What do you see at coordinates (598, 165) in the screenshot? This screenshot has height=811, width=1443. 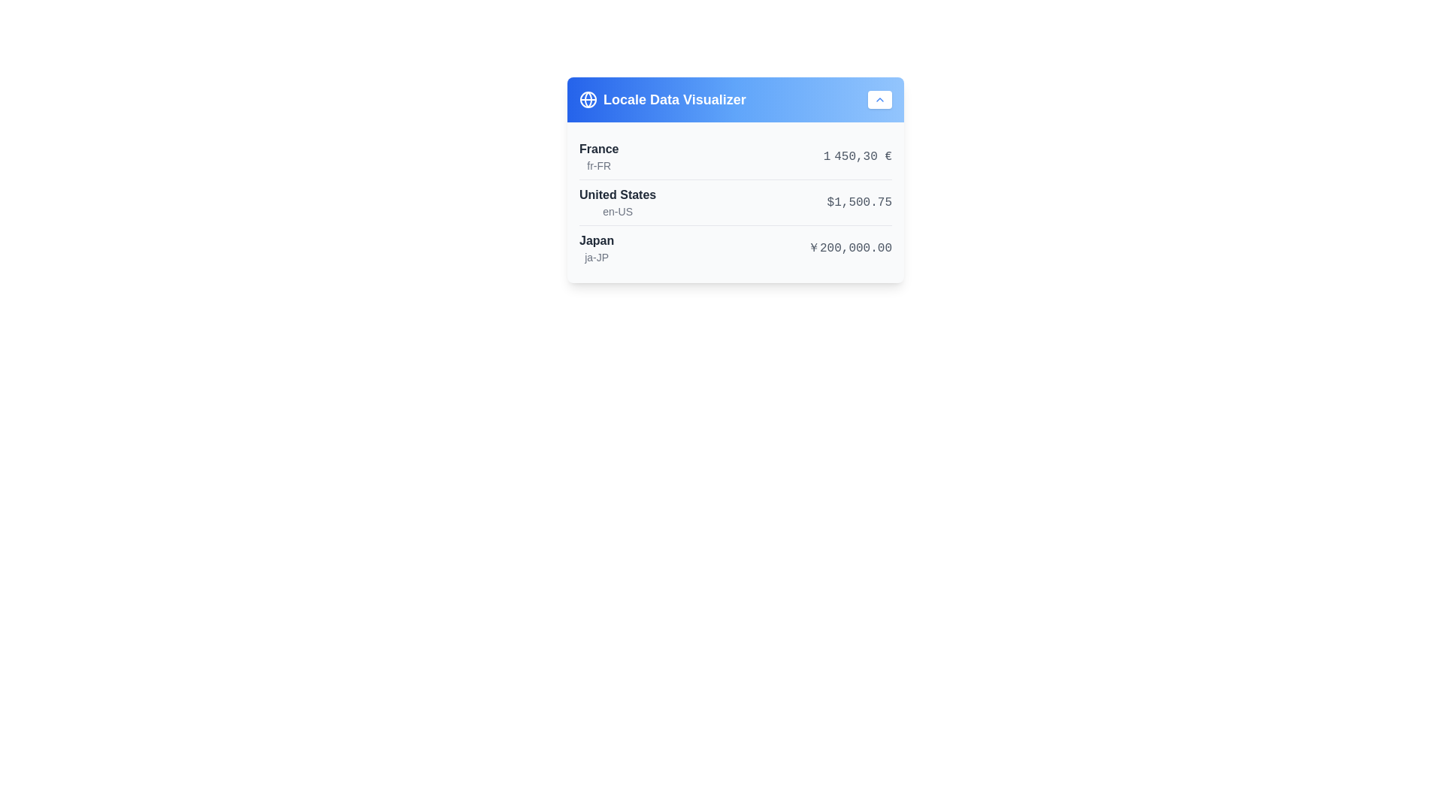 I see `text label indicating the locale code 'fr-FR', which is located below the heading 'France' in the Locale Data Visualizer panel` at bounding box center [598, 165].